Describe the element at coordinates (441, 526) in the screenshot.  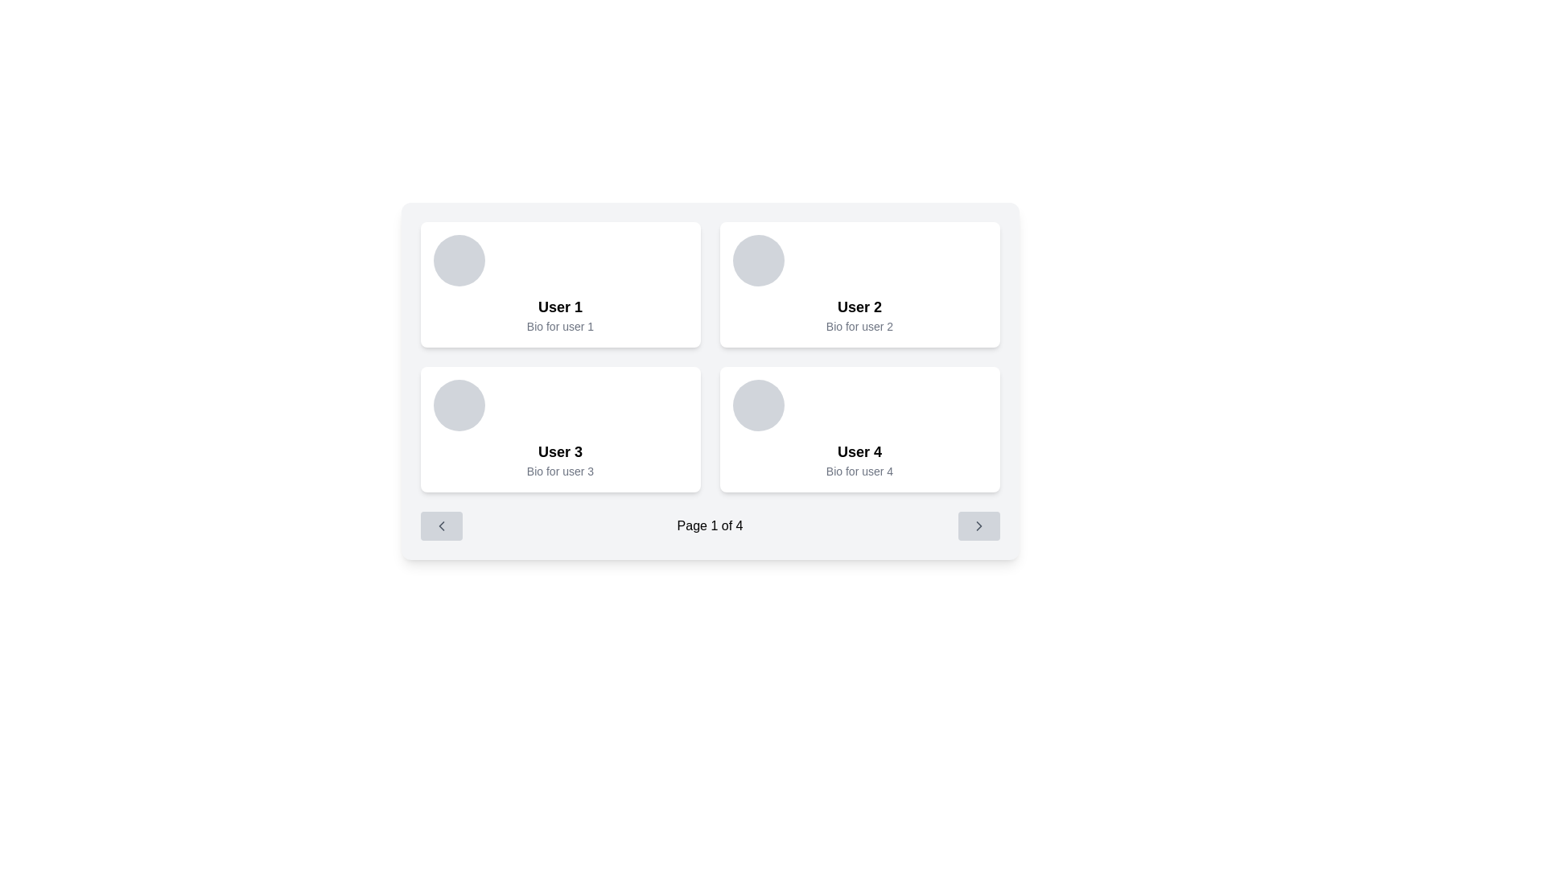
I see `the chevron SVG icon located at the bottom left of the interface` at that location.